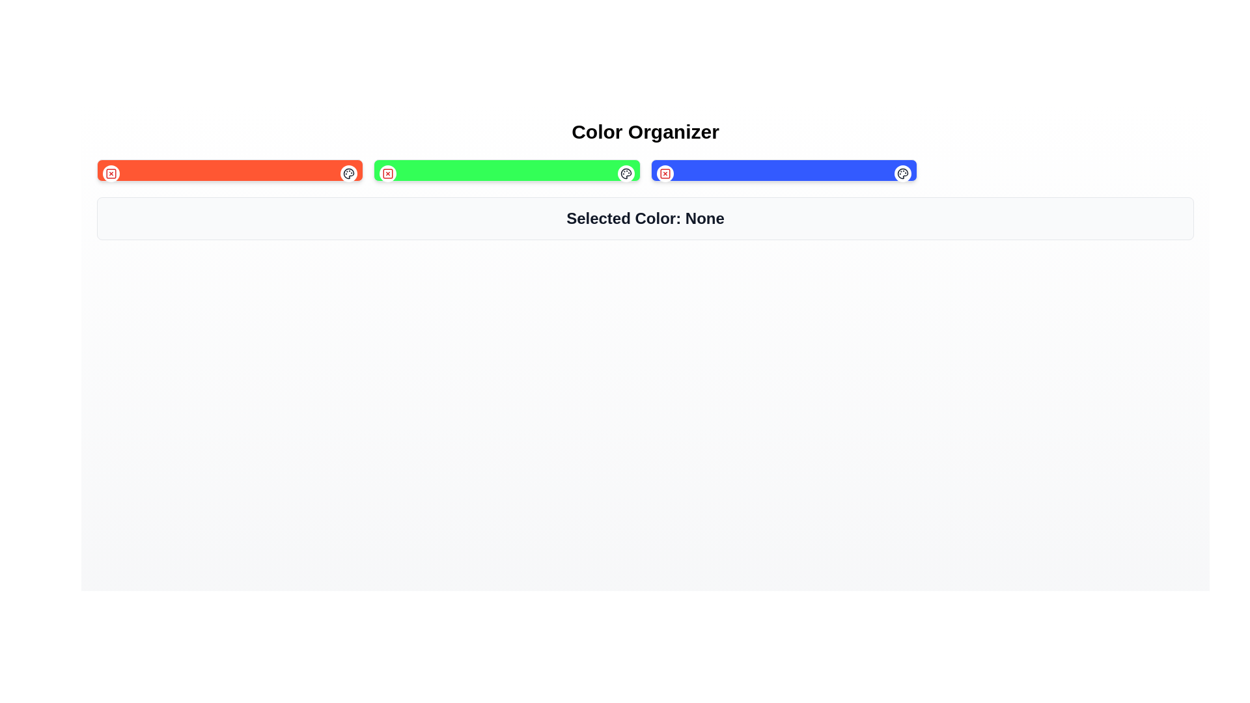 The height and width of the screenshot is (703, 1250). What do you see at coordinates (665, 172) in the screenshot?
I see `the close icon located on the right side of the blue horizontal color bar` at bounding box center [665, 172].